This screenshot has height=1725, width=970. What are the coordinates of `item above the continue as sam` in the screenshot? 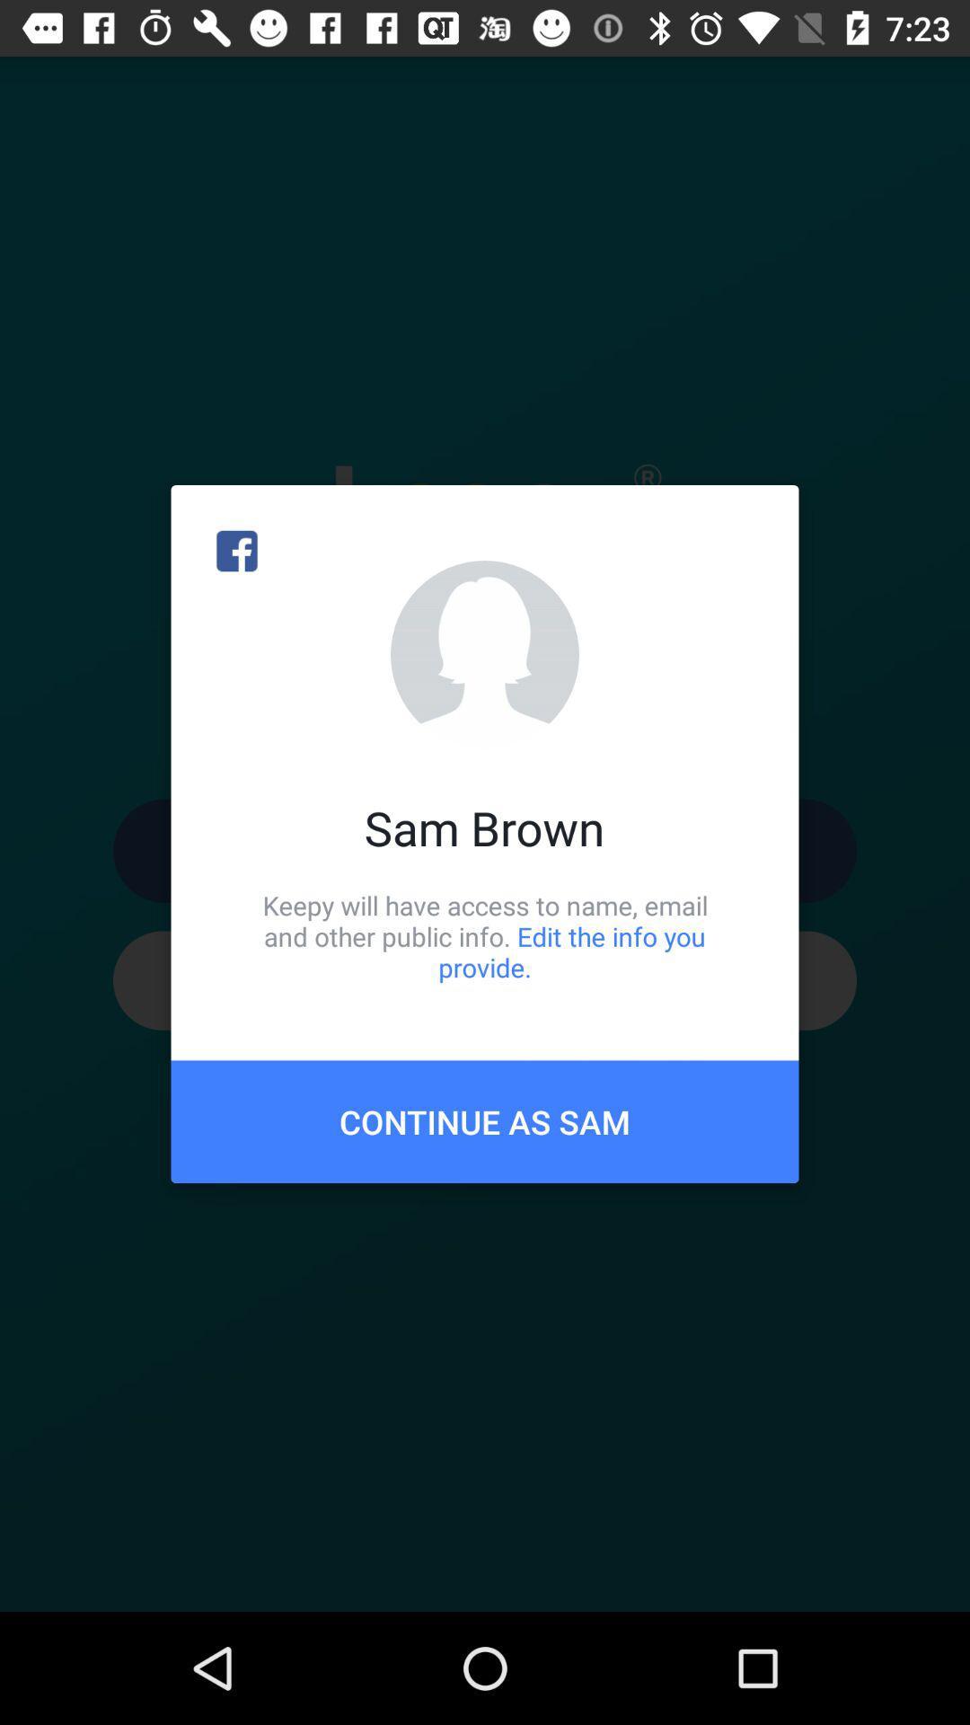 It's located at (485, 935).